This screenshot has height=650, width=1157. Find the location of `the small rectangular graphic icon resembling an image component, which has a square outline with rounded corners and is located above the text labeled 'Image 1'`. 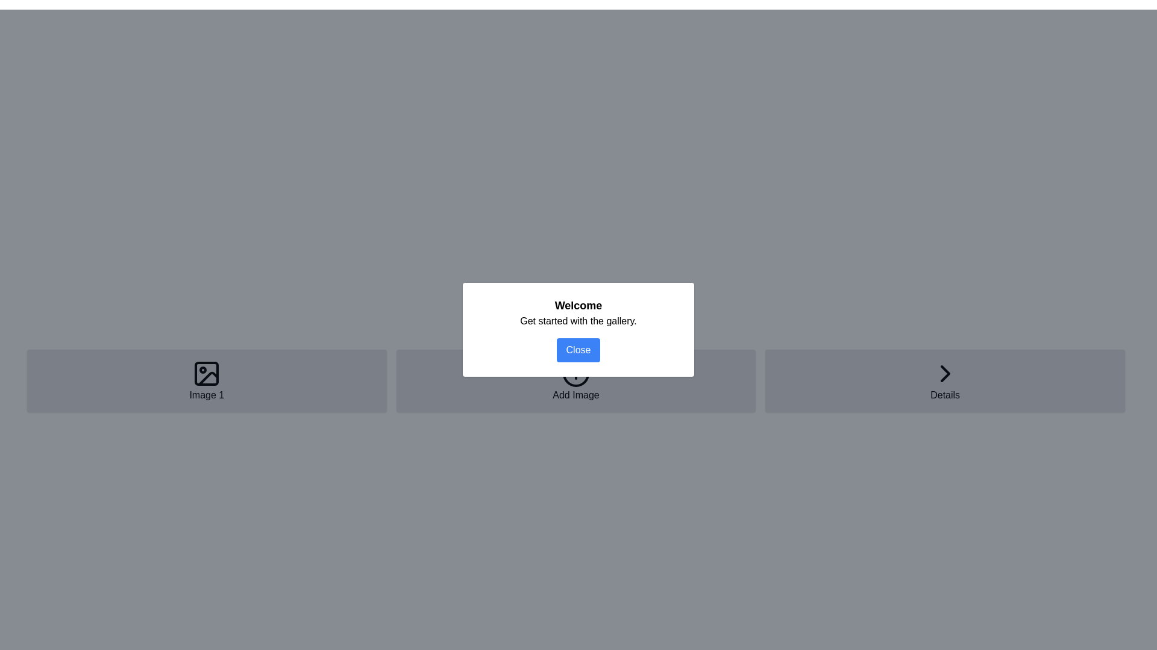

the small rectangular graphic icon resembling an image component, which has a square outline with rounded corners and is located above the text labeled 'Image 1' is located at coordinates (207, 373).